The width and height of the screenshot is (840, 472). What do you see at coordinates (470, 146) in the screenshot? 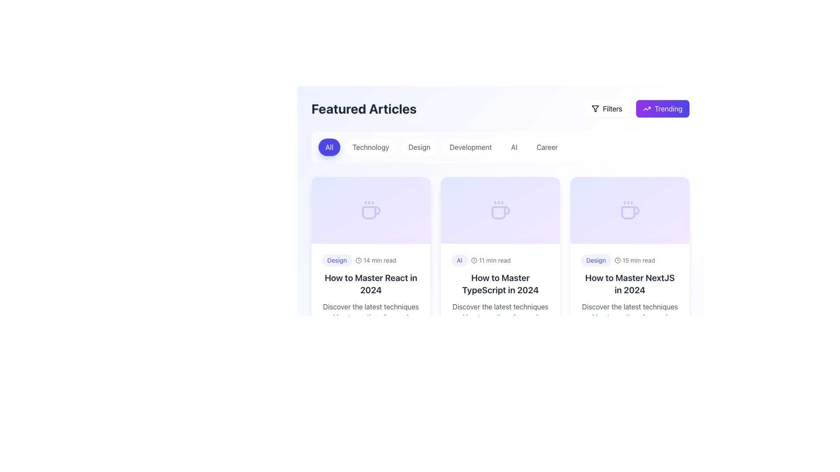
I see `the filter button labeled 'Development' located on the horizontal navigation bar under the 'Featured Articles' heading` at bounding box center [470, 146].